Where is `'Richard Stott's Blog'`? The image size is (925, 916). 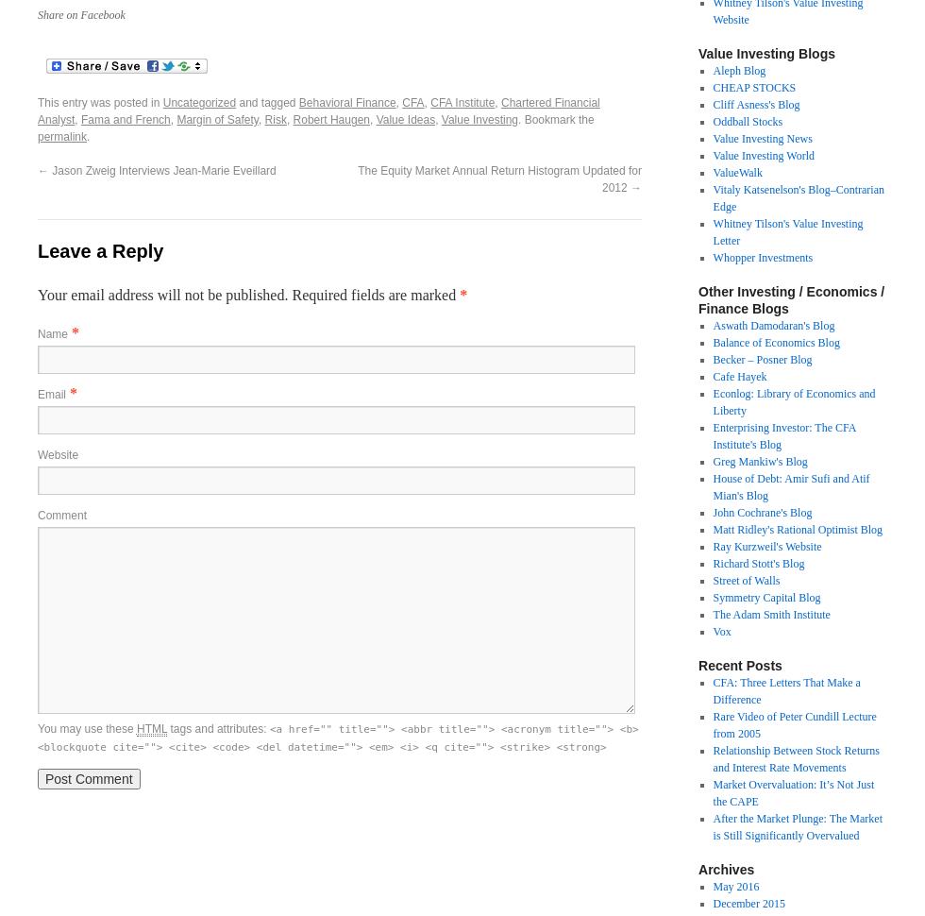 'Richard Stott's Blog' is located at coordinates (758, 564).